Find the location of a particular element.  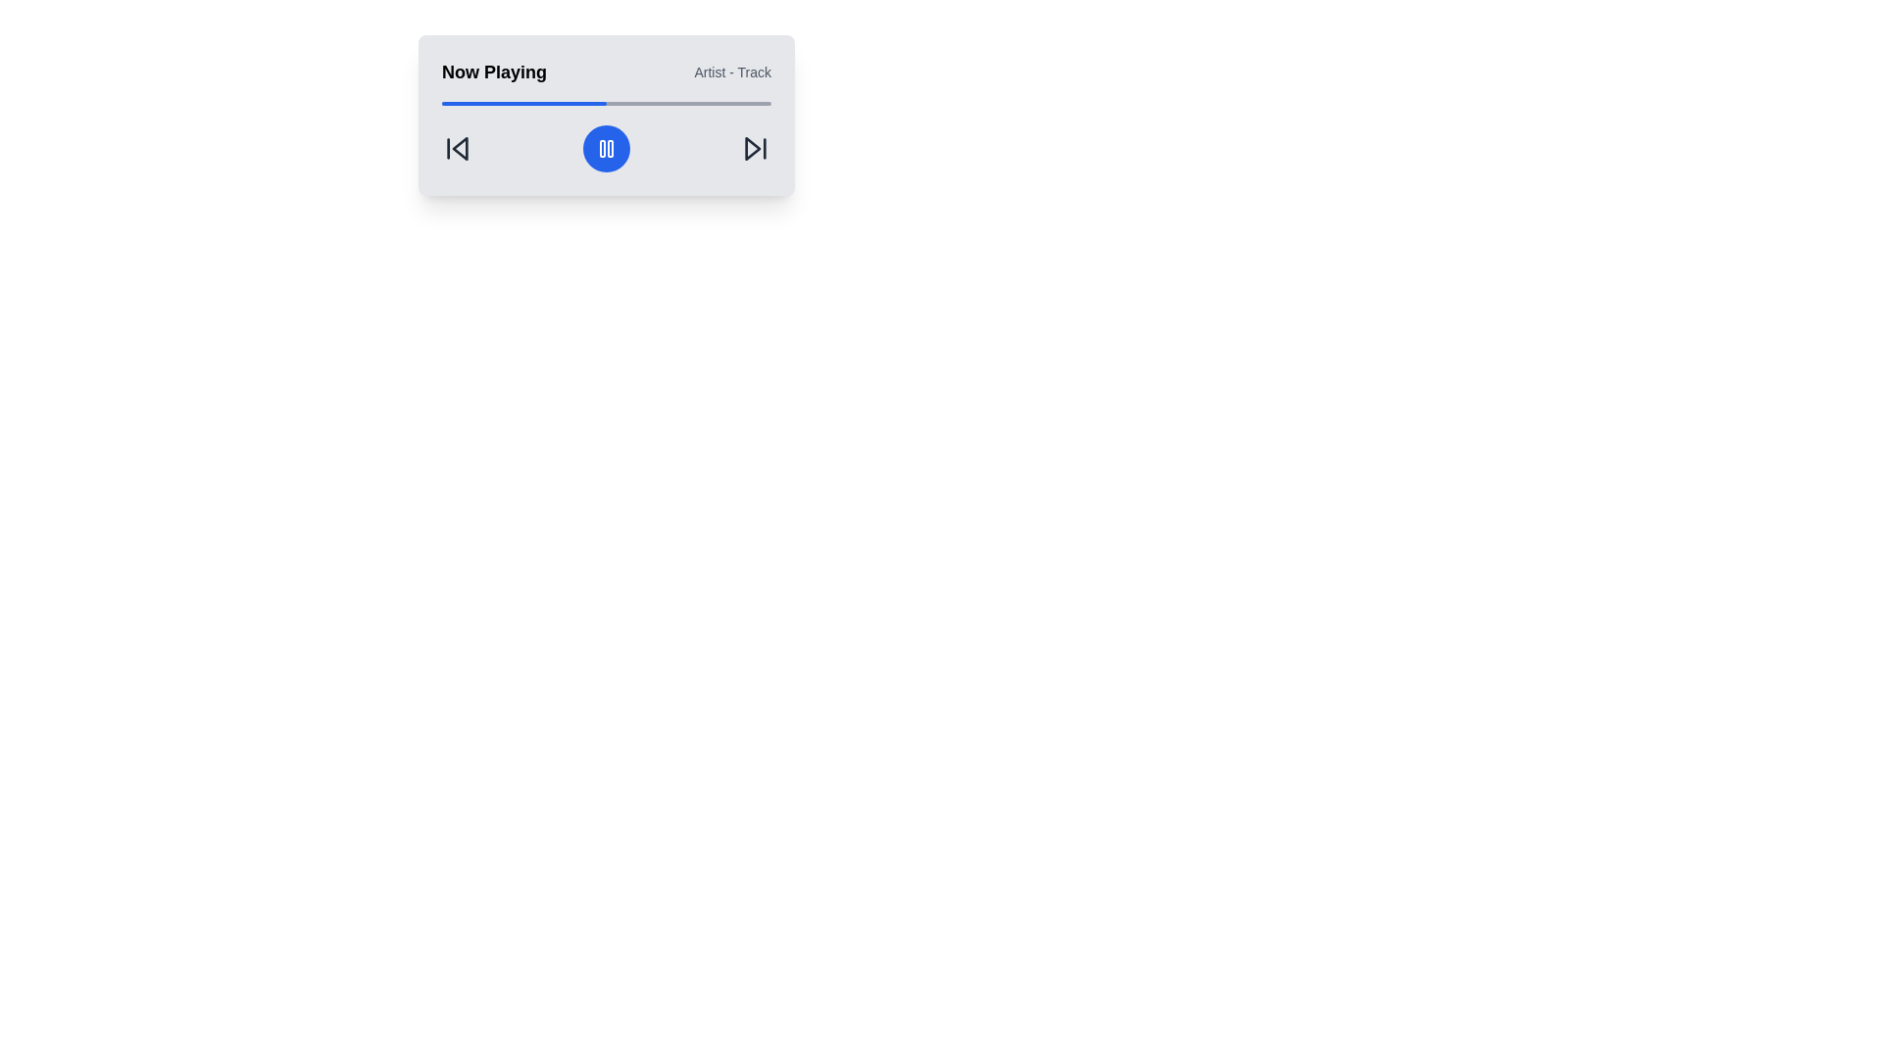

the progress of the bar is located at coordinates (540, 103).